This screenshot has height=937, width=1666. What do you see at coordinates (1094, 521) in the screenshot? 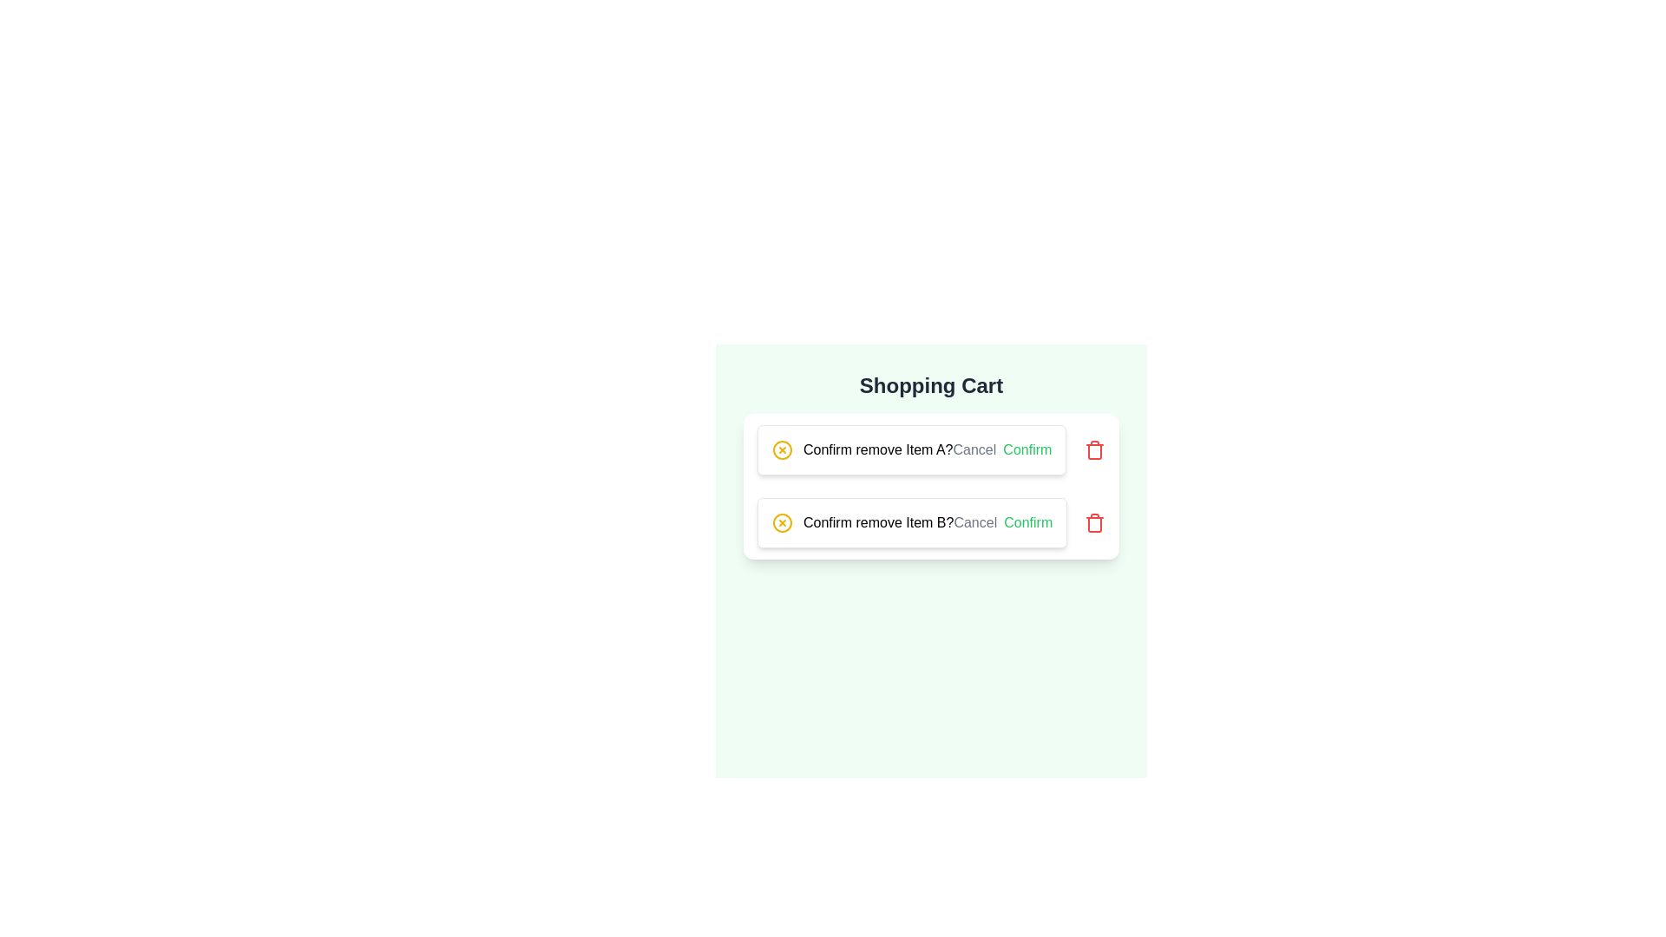
I see `the icon button for removing 'Item B' from the shopping cart` at bounding box center [1094, 521].